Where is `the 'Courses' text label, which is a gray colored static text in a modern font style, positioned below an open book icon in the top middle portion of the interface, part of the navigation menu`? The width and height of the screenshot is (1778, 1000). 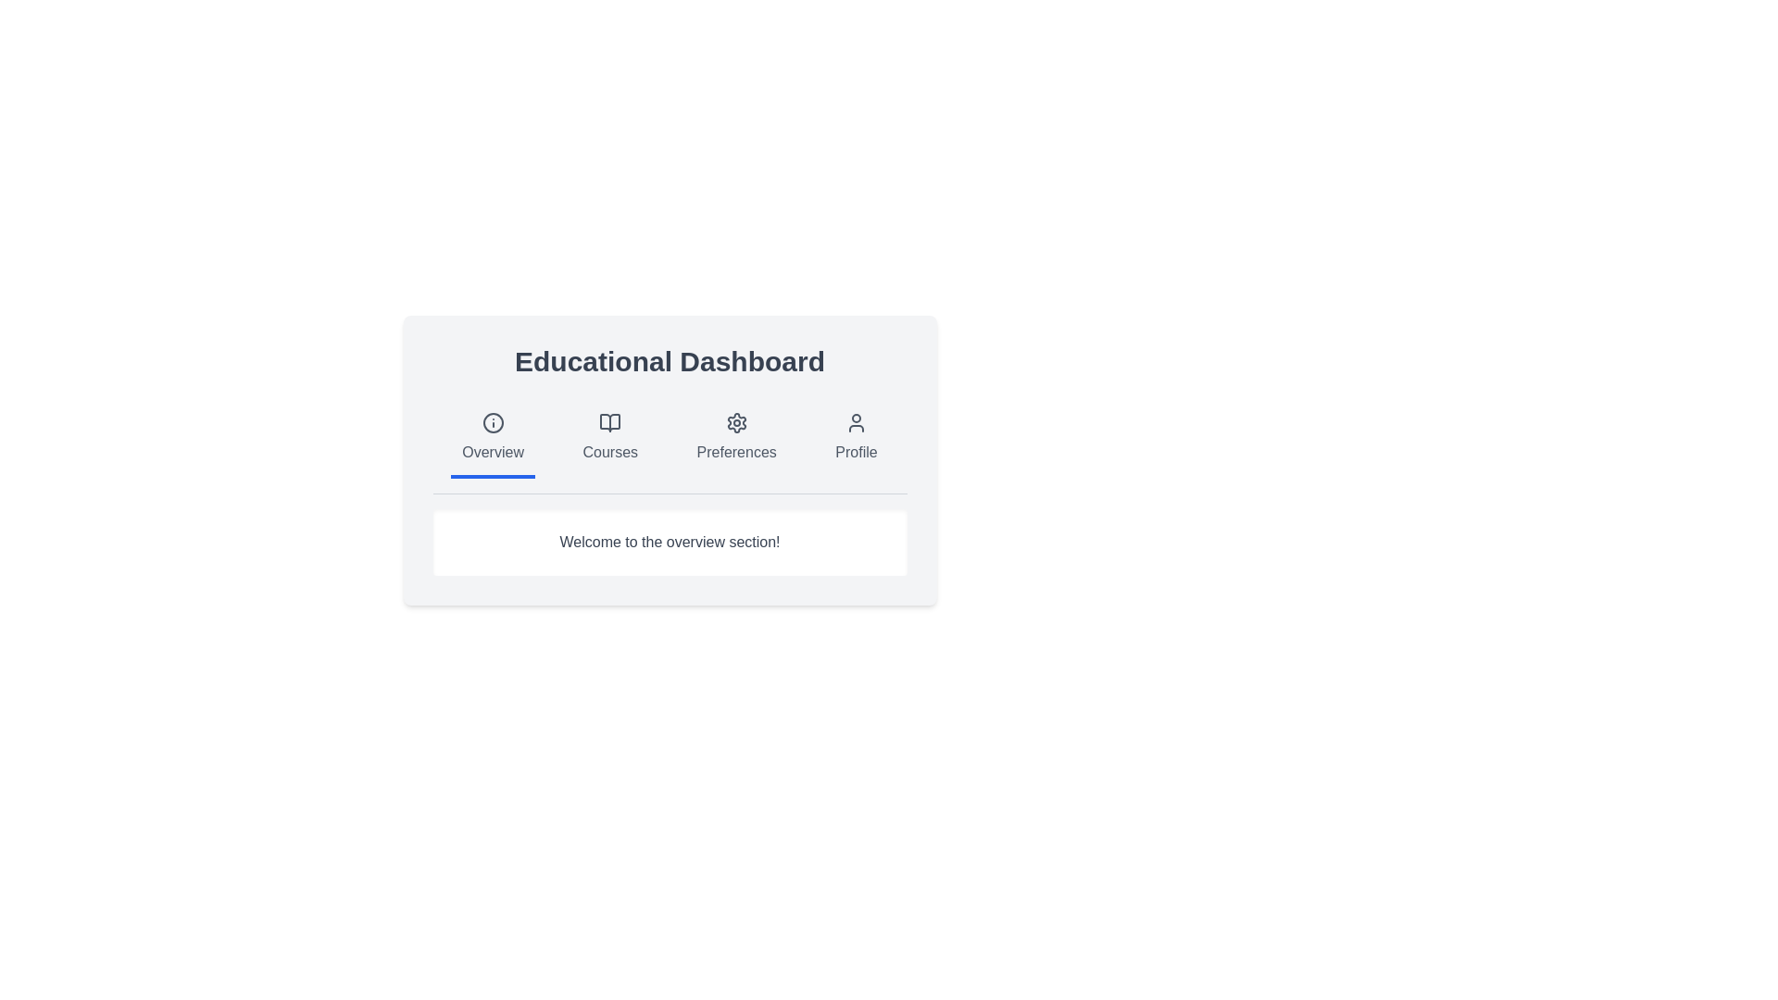
the 'Courses' text label, which is a gray colored static text in a modern font style, positioned below an open book icon in the top middle portion of the interface, part of the navigation menu is located at coordinates (610, 453).